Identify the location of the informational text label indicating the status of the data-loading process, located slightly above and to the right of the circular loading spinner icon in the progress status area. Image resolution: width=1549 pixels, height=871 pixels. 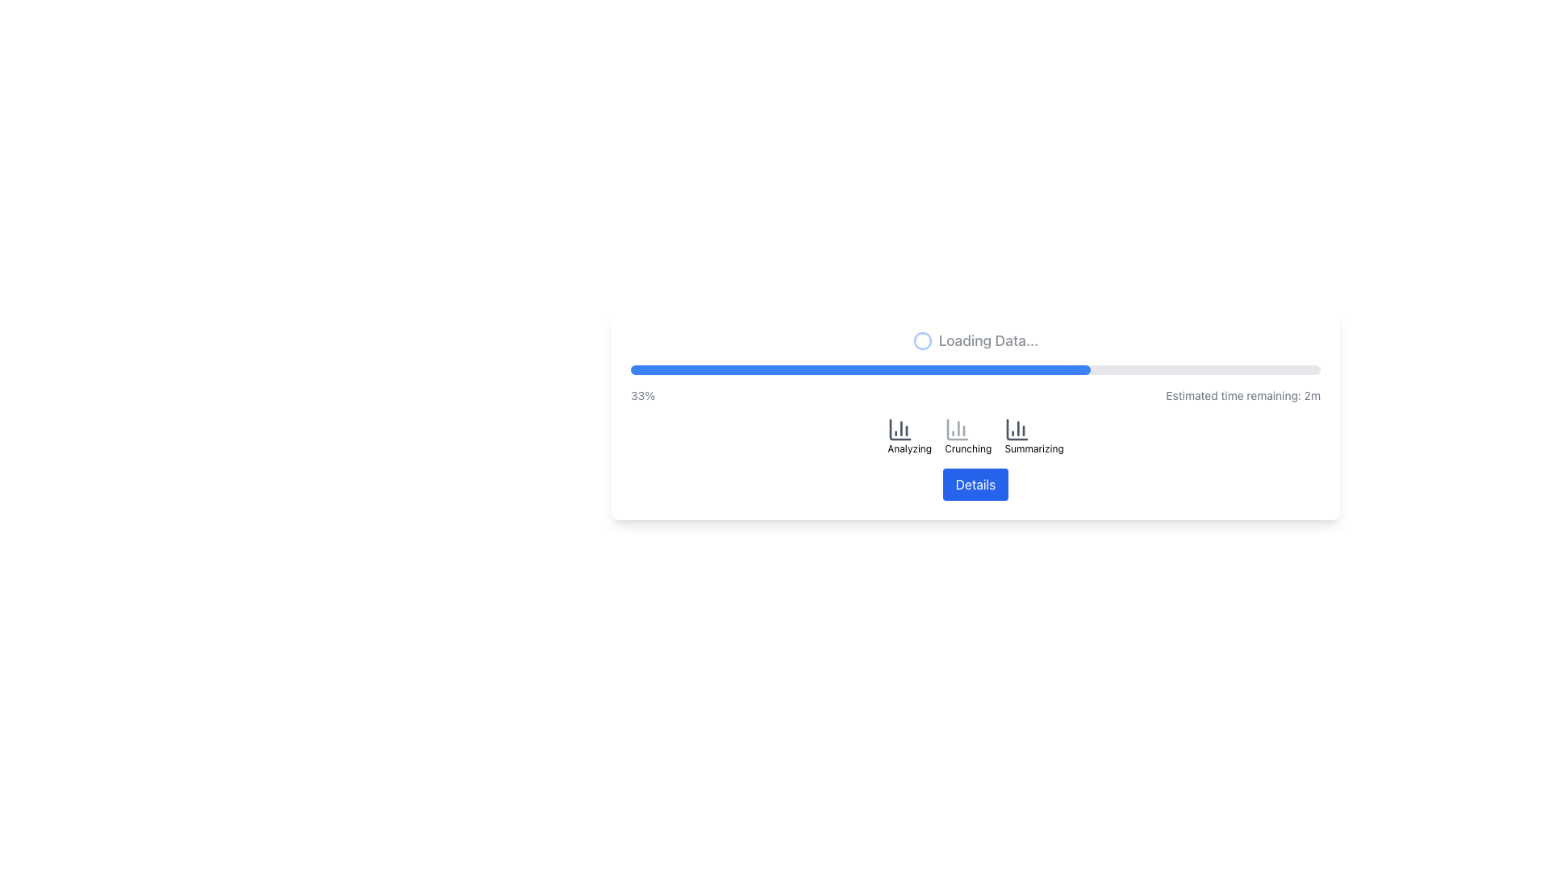
(987, 340).